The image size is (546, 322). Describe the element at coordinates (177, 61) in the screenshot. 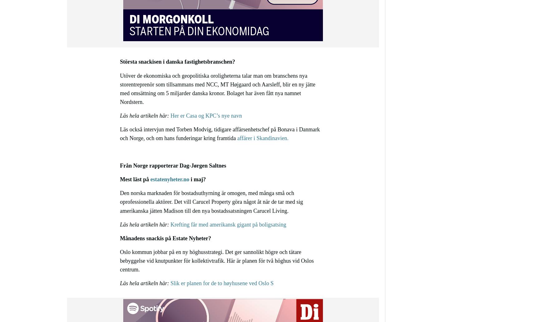

I see `'Största snackisen i danska fastighetsbranschen?'` at that location.